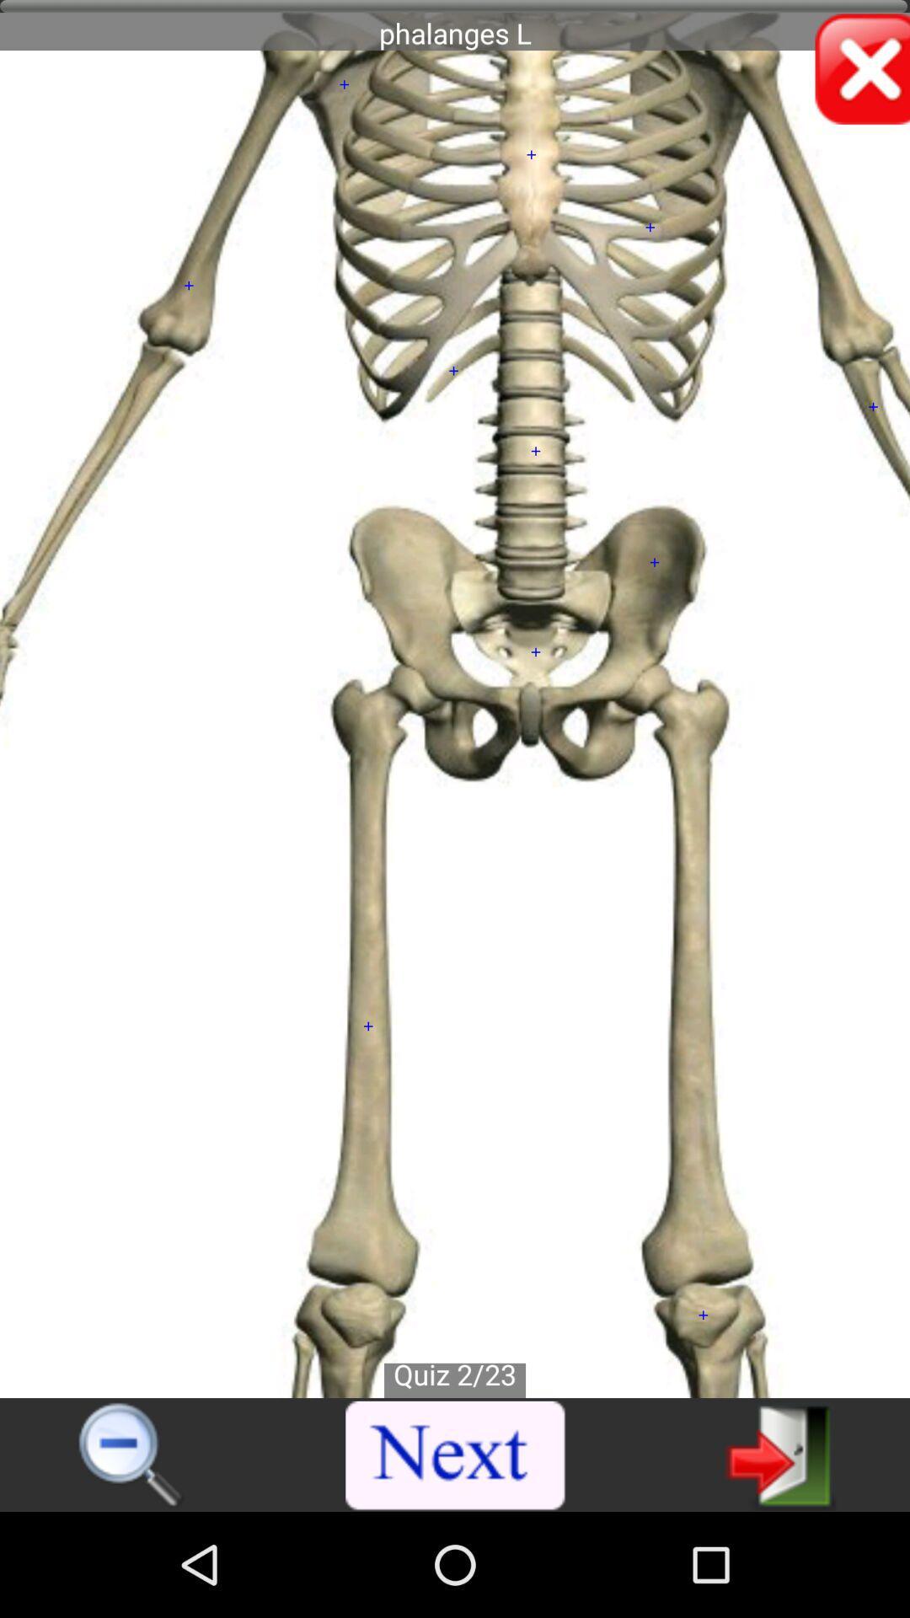 The height and width of the screenshot is (1618, 910). Describe the element at coordinates (131, 1455) in the screenshot. I see `zoom` at that location.